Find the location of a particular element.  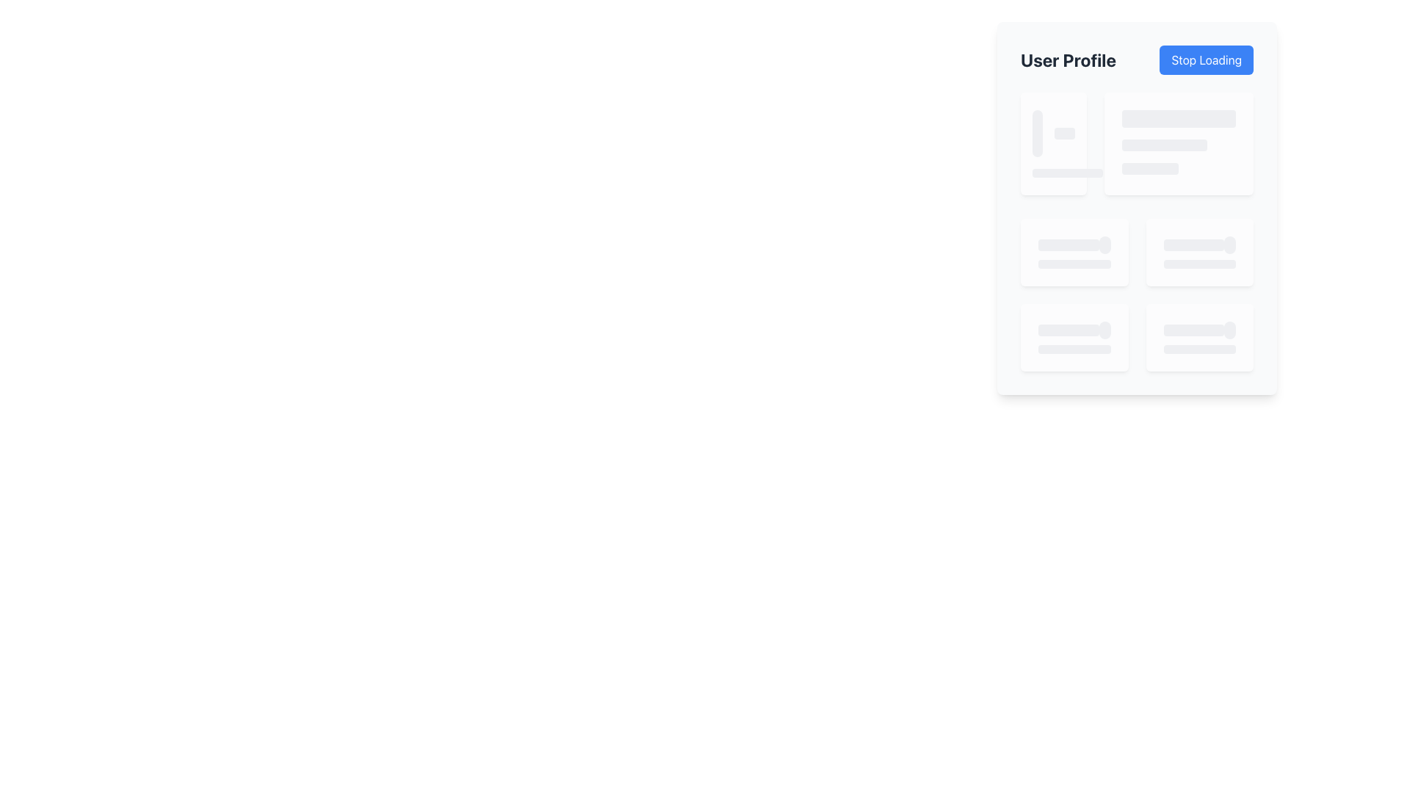

the slider value is located at coordinates (1084, 330).